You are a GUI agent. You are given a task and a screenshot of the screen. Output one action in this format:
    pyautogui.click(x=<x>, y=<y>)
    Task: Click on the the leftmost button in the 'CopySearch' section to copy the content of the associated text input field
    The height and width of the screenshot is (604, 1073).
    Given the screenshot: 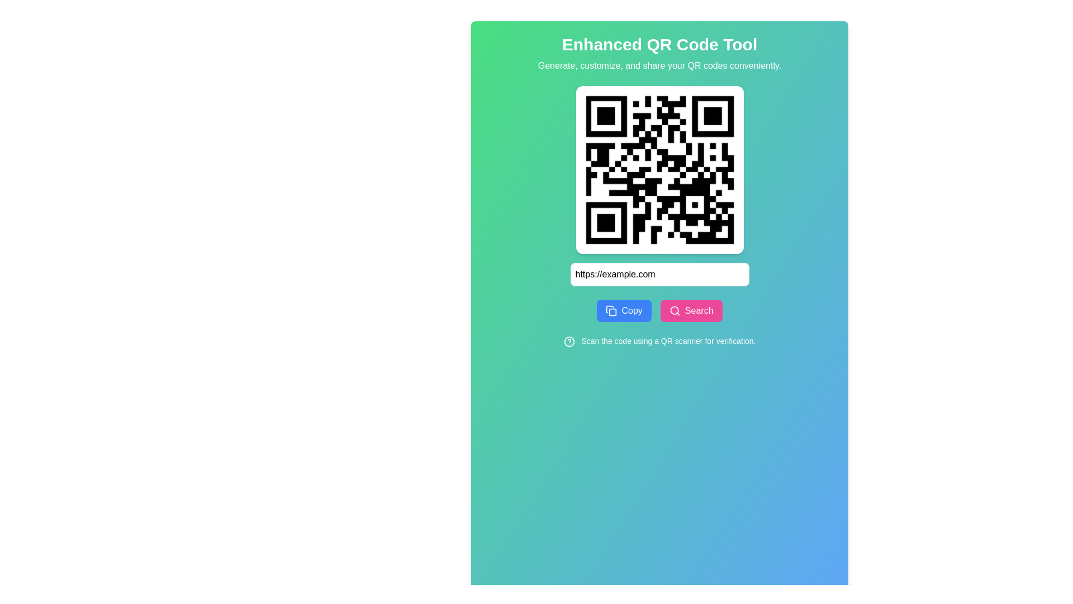 What is the action you would take?
    pyautogui.click(x=624, y=310)
    